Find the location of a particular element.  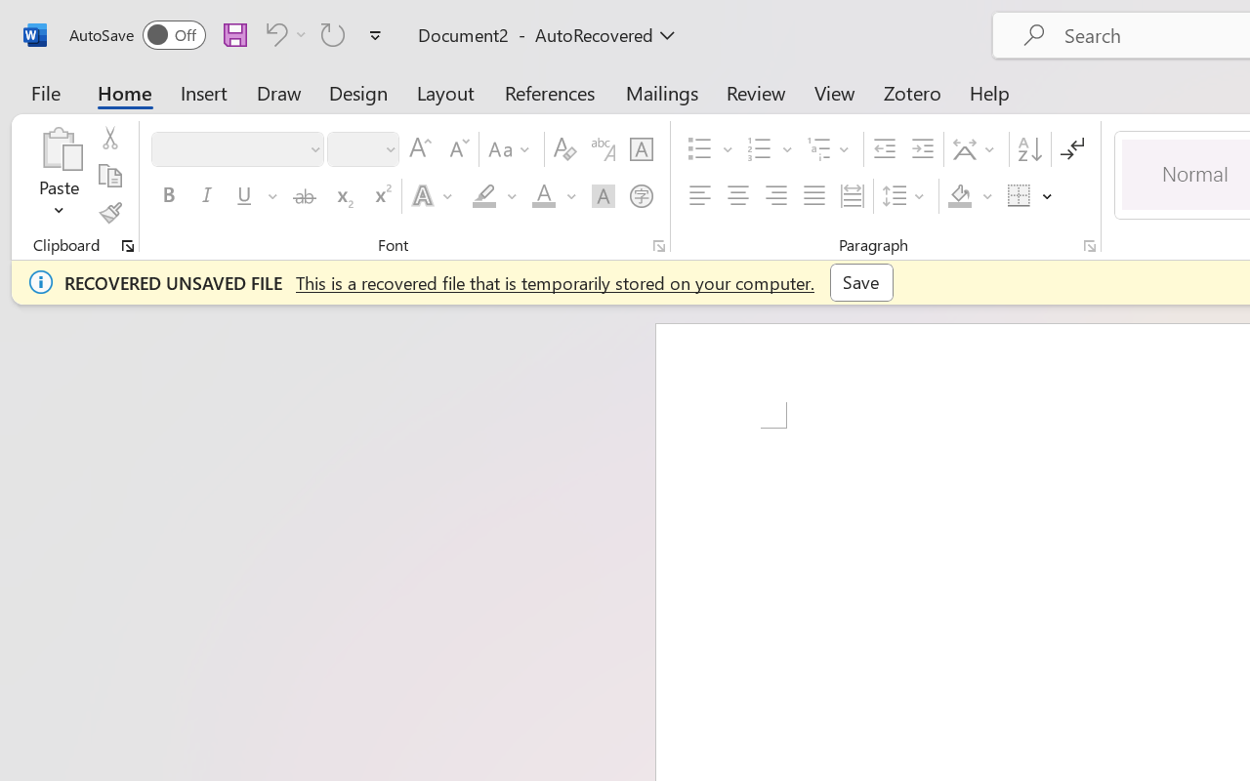

'Center' is located at coordinates (737, 196).